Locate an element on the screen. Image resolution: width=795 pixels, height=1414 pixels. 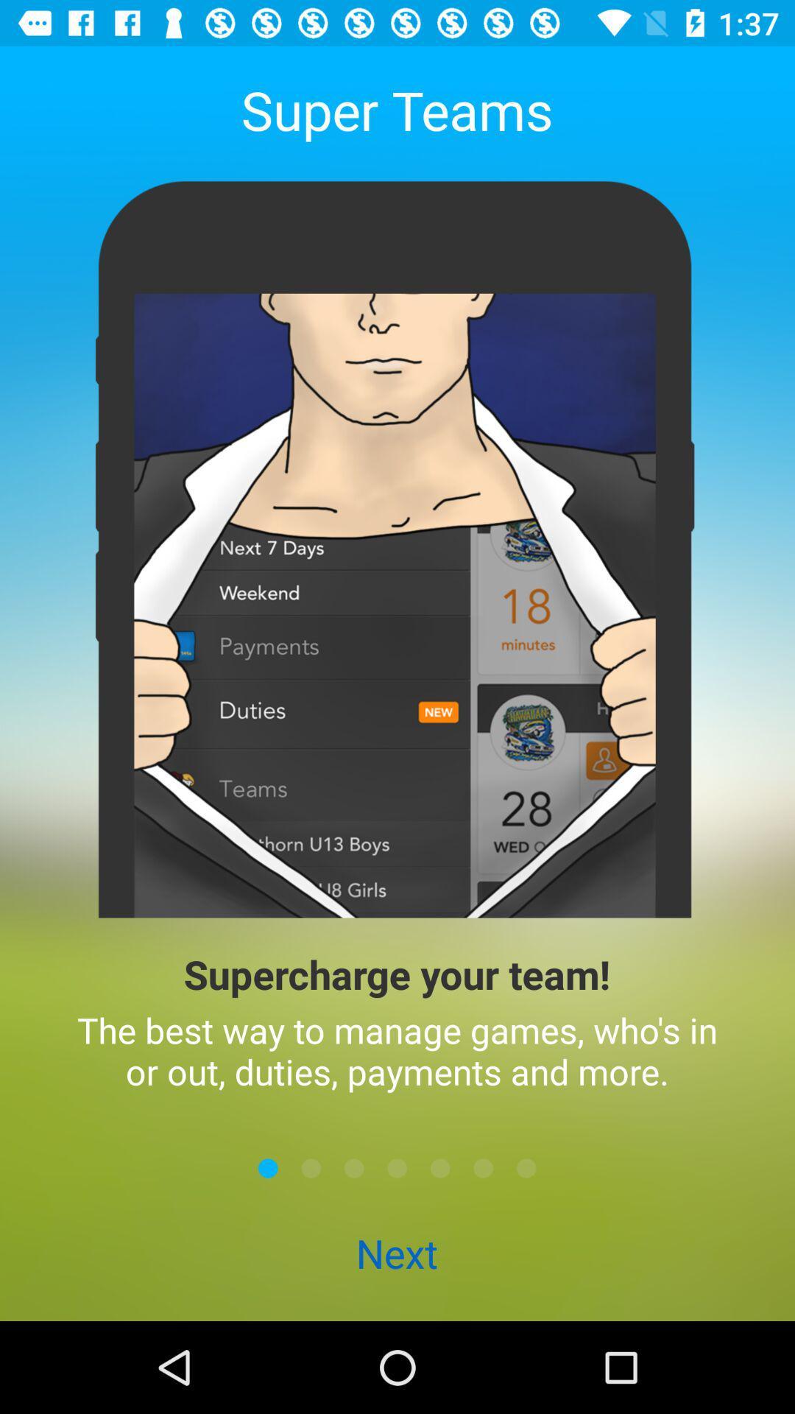
swipe tab is located at coordinates (268, 1167).